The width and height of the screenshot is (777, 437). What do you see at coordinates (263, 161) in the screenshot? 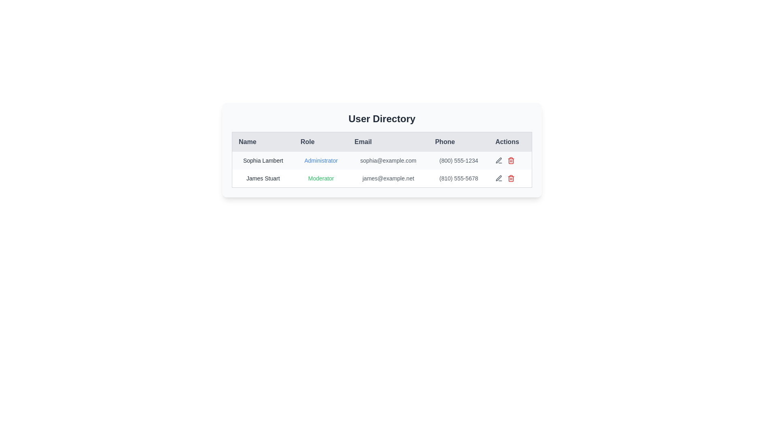
I see `the text label displaying the name 'Sophia Lambert' in the user directory table, located in the first row under the 'Name' column` at bounding box center [263, 161].